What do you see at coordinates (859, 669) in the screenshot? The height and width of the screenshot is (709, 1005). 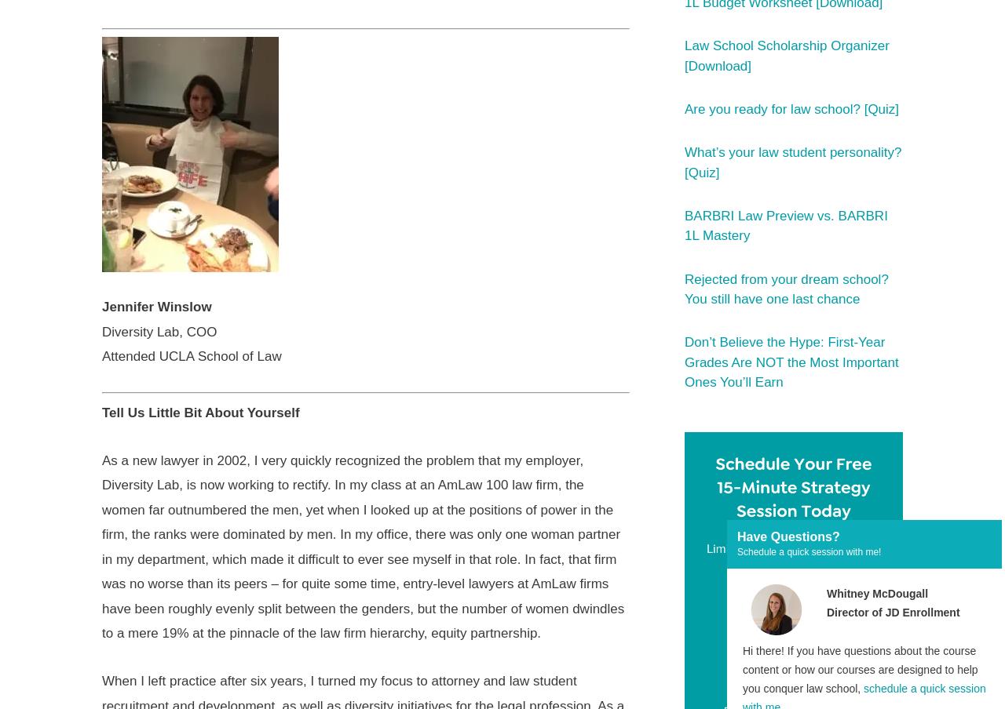 I see `'Hi there! If you have questions about the course content or how our courses are designed to help you conquer law school,'` at bounding box center [859, 669].